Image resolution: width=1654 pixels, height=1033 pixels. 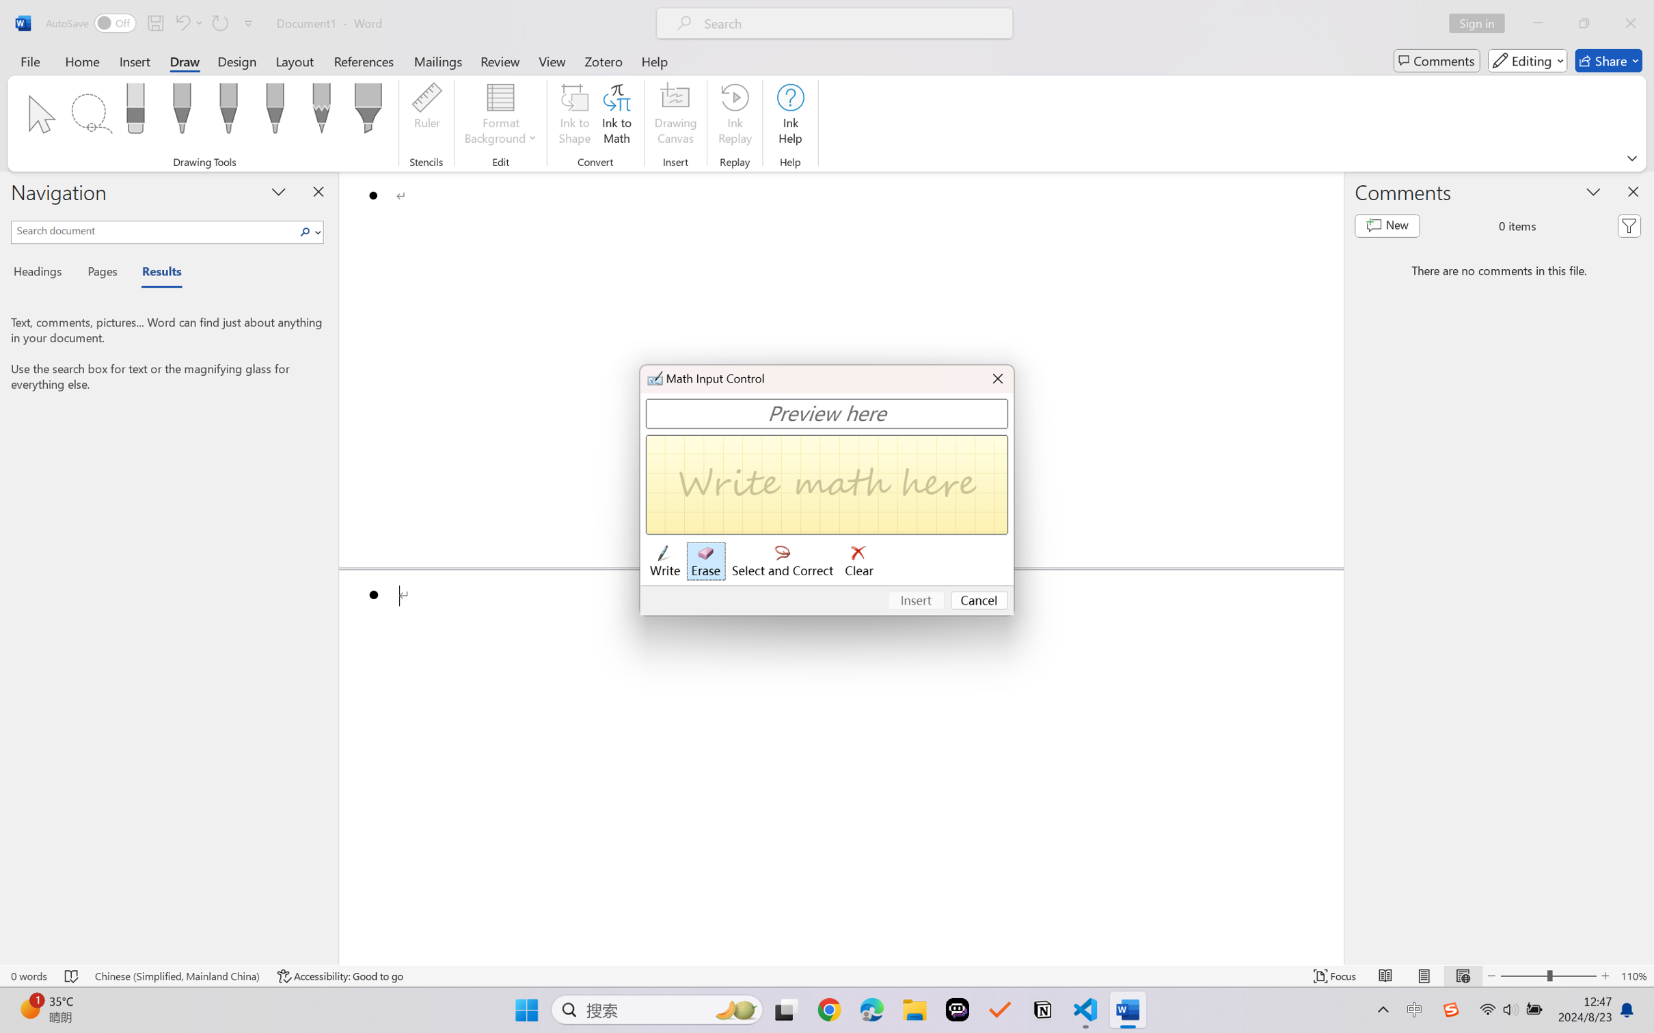 What do you see at coordinates (858, 560) in the screenshot?
I see `'Clear'` at bounding box center [858, 560].